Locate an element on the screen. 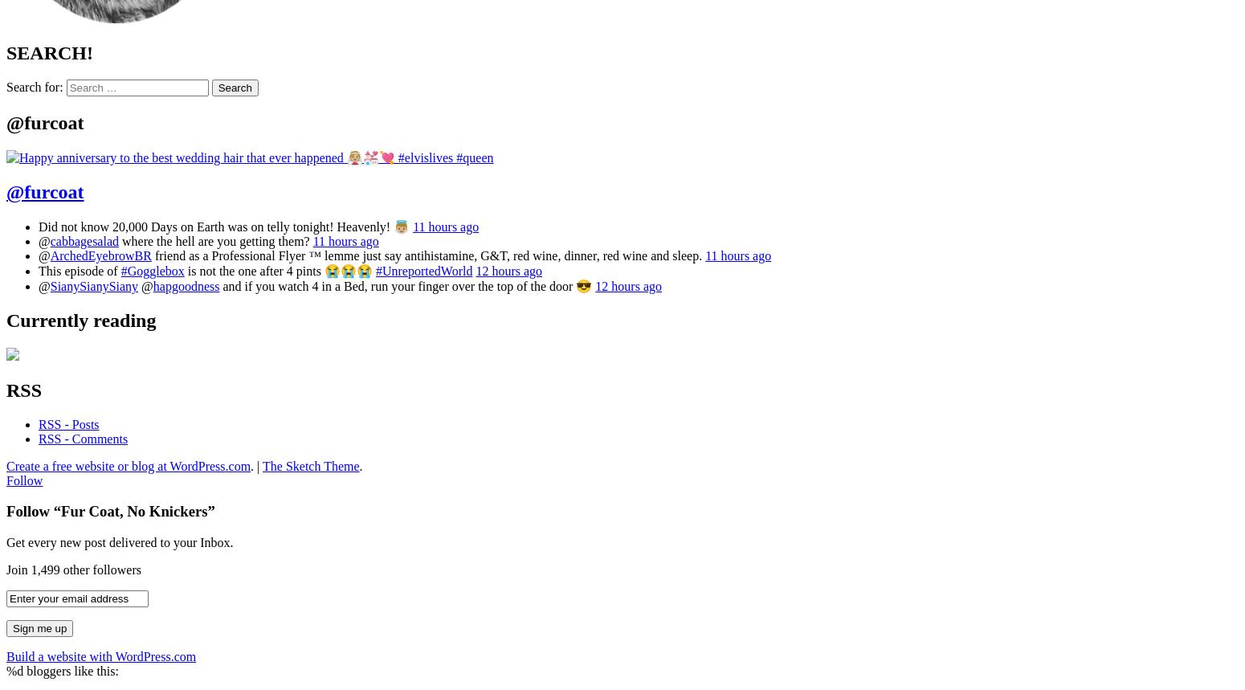  'RSS - Comments' is located at coordinates (83, 437).